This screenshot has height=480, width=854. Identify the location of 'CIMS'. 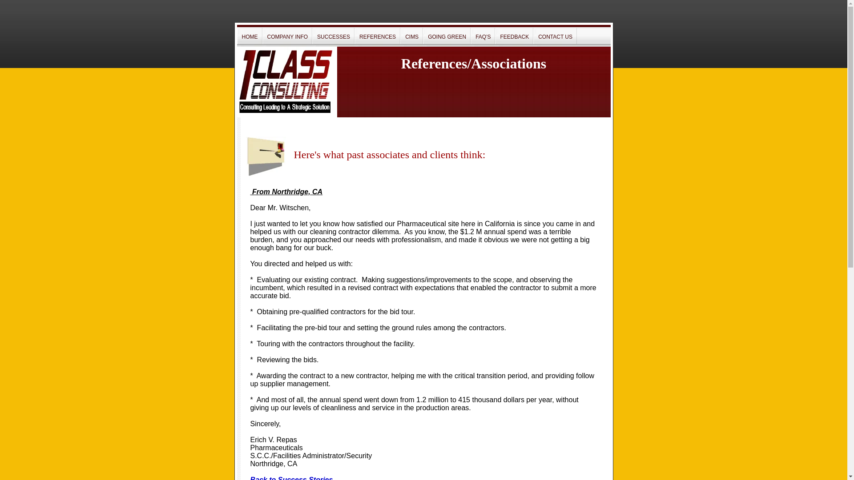
(411, 36).